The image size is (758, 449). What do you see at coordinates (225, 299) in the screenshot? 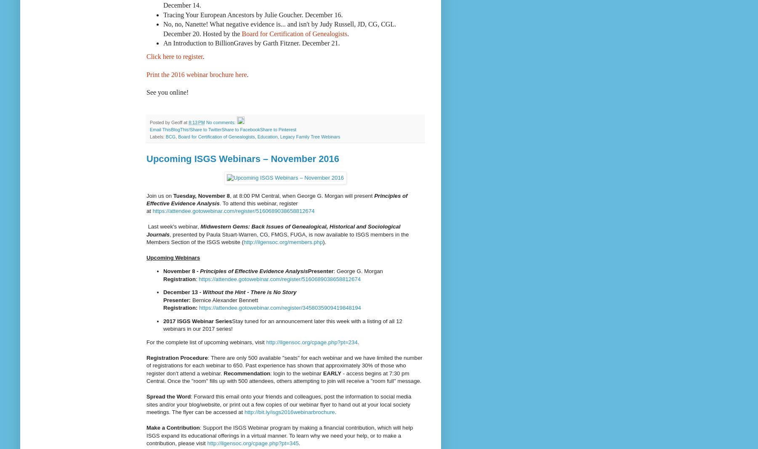
I see `'Bernice Alexander Bennett'` at bounding box center [225, 299].